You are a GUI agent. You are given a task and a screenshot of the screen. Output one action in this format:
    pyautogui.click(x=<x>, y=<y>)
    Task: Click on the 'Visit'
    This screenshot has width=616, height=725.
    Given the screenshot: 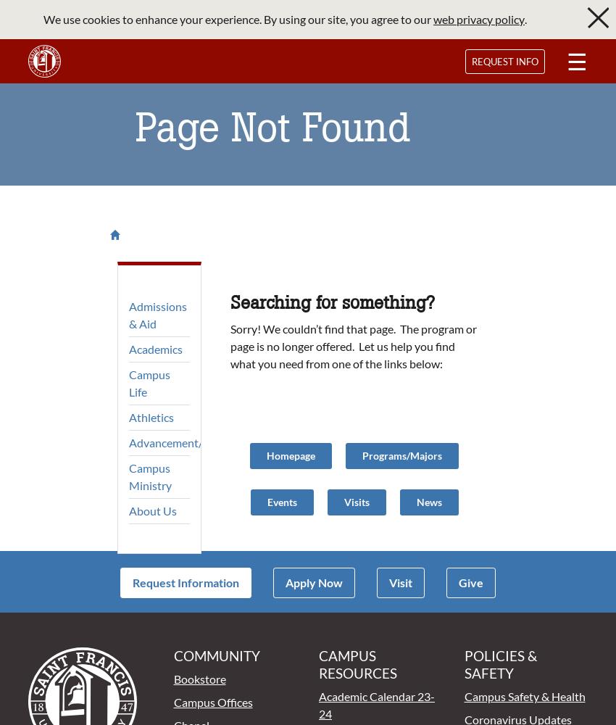 What is the action you would take?
    pyautogui.click(x=400, y=582)
    